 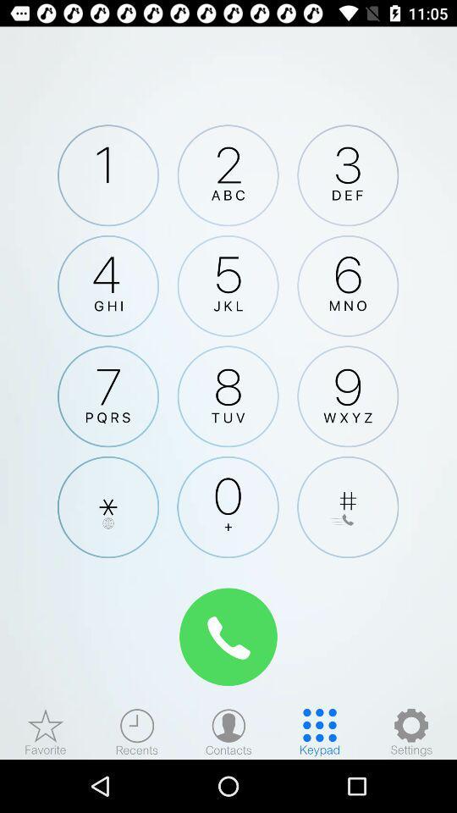 I want to click on button, so click(x=347, y=507).